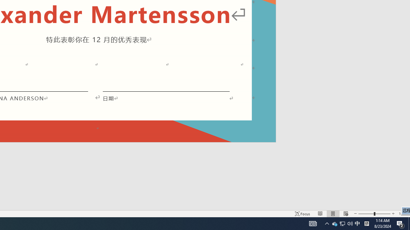 The width and height of the screenshot is (410, 230). What do you see at coordinates (403, 214) in the screenshot?
I see `'Zoom 100%'` at bounding box center [403, 214].